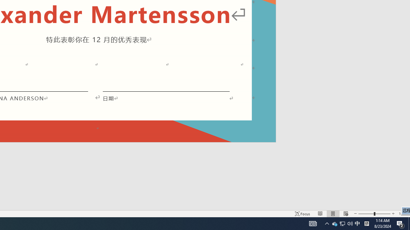 The width and height of the screenshot is (410, 230). What do you see at coordinates (403, 214) in the screenshot?
I see `'Zoom 100%'` at bounding box center [403, 214].